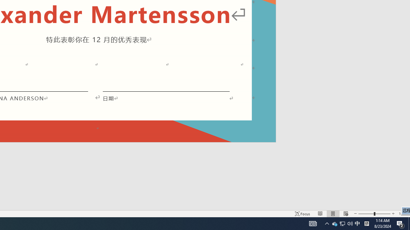 The width and height of the screenshot is (410, 230). What do you see at coordinates (403, 214) in the screenshot?
I see `'Zoom 100%'` at bounding box center [403, 214].